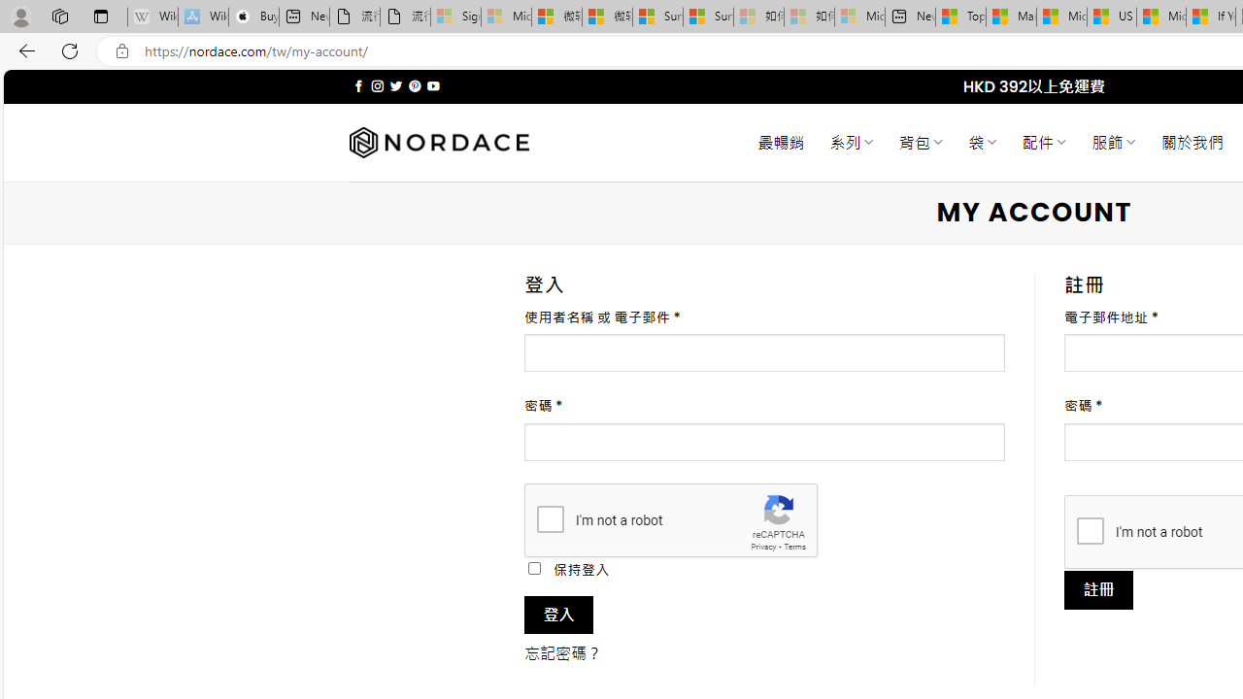 This screenshot has height=699, width=1243. What do you see at coordinates (505, 17) in the screenshot?
I see `'Microsoft Services Agreement - Sleeping'` at bounding box center [505, 17].